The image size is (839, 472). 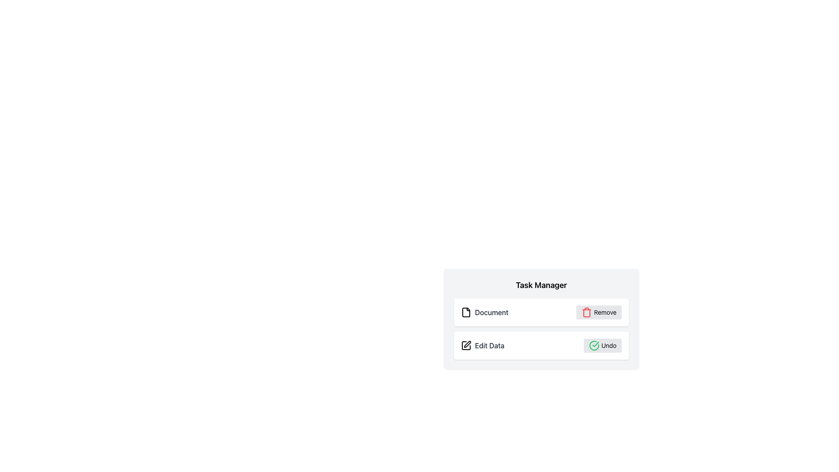 I want to click on the text label that describes the 'Edit Data' functionality, located to the right of the pen and square icon in the 'Task Manager' interface, so click(x=489, y=345).